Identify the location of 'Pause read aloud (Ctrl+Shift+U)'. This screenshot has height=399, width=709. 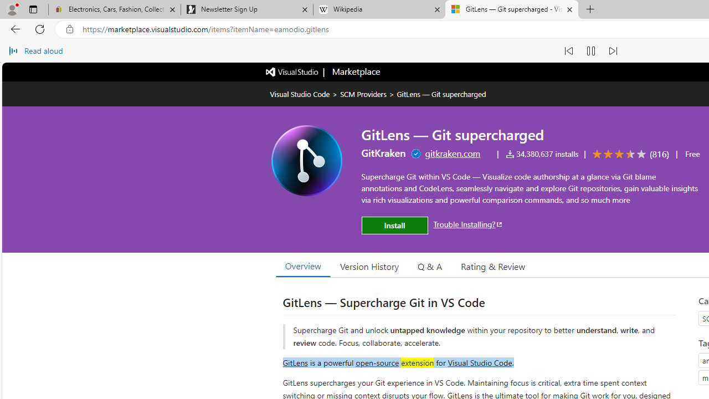
(590, 51).